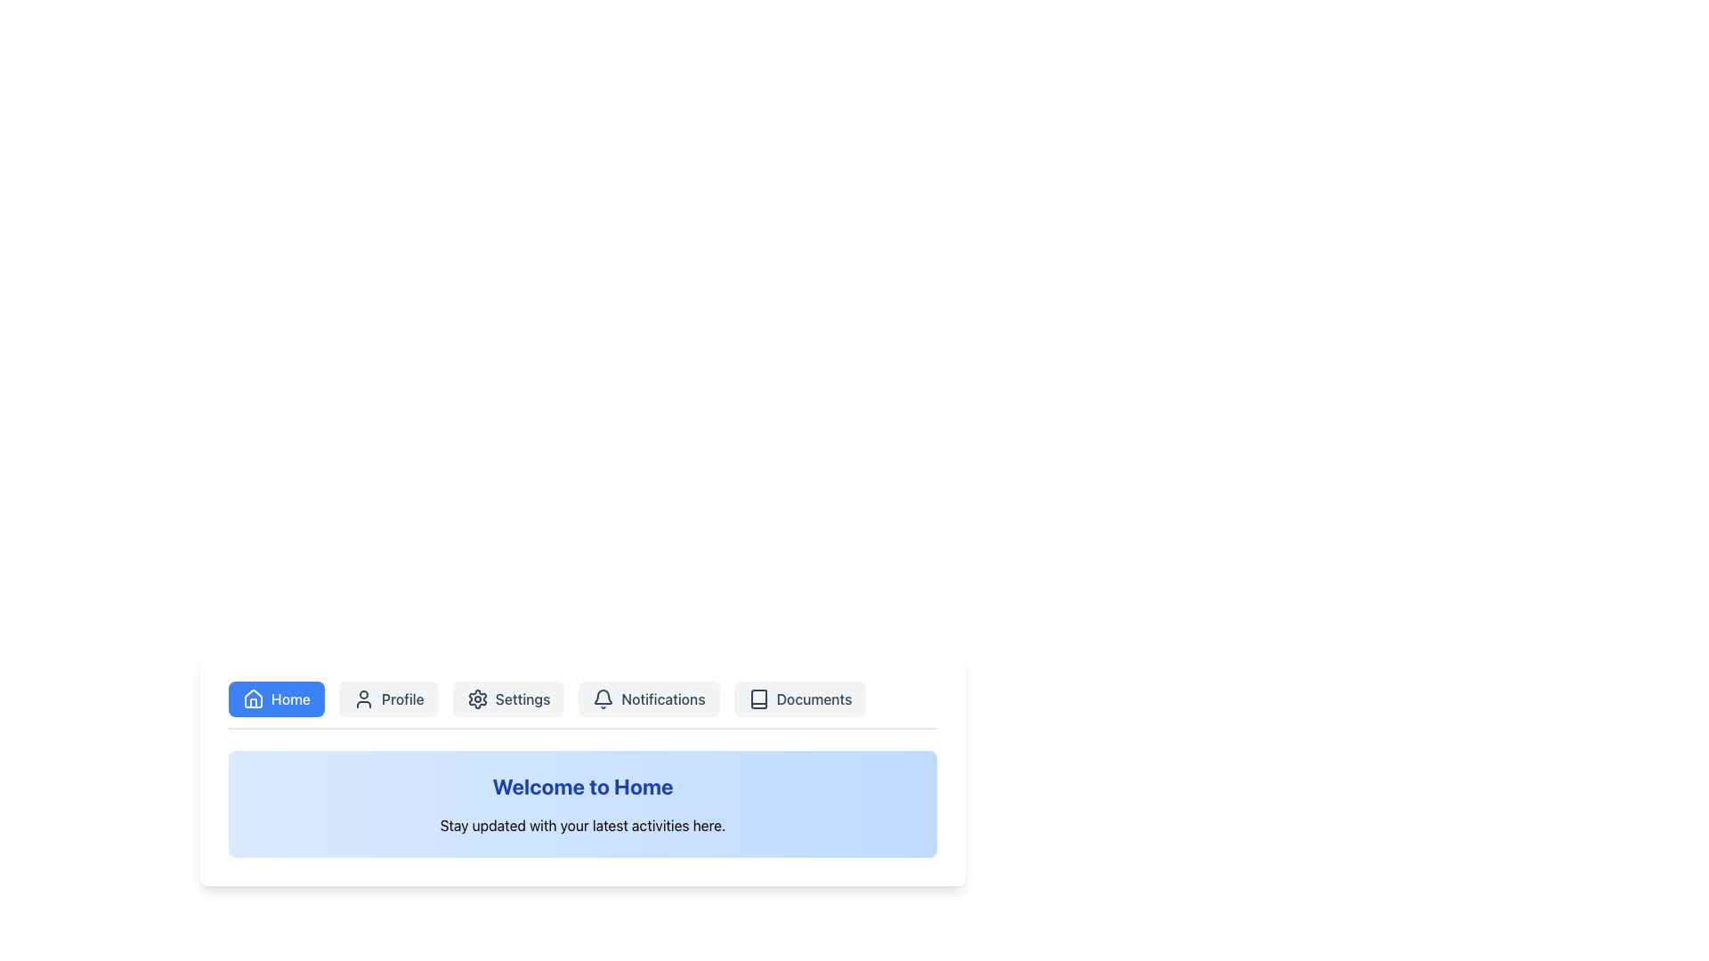 The image size is (1709, 961). I want to click on the 'Home' button, which contains a minimalist house icon with rounded edges, highlighted in blue, located in the top-center of the interface, so click(252, 699).